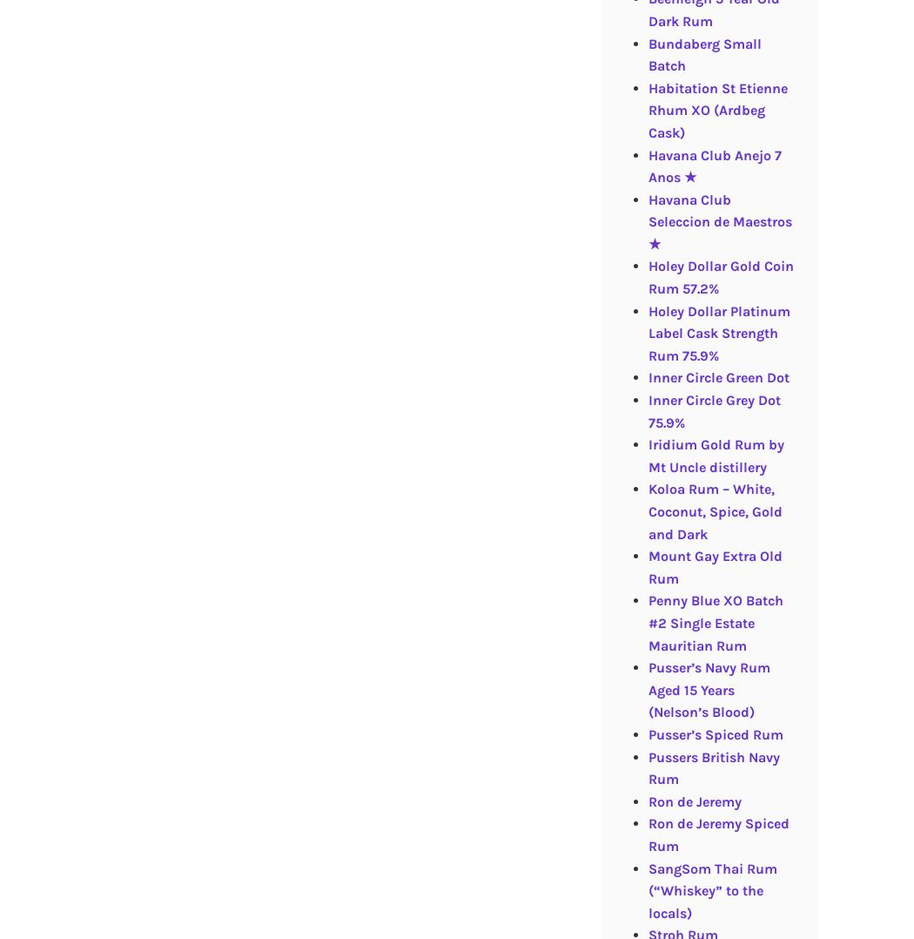 This screenshot has height=939, width=914. What do you see at coordinates (647, 377) in the screenshot?
I see `'Inner Circle Green Dot'` at bounding box center [647, 377].